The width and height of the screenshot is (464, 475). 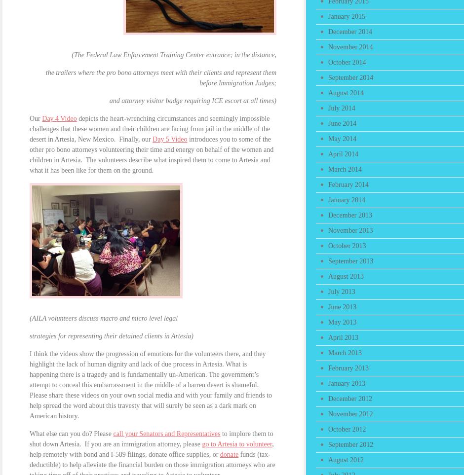 What do you see at coordinates (342, 138) in the screenshot?
I see `'May 2014'` at bounding box center [342, 138].